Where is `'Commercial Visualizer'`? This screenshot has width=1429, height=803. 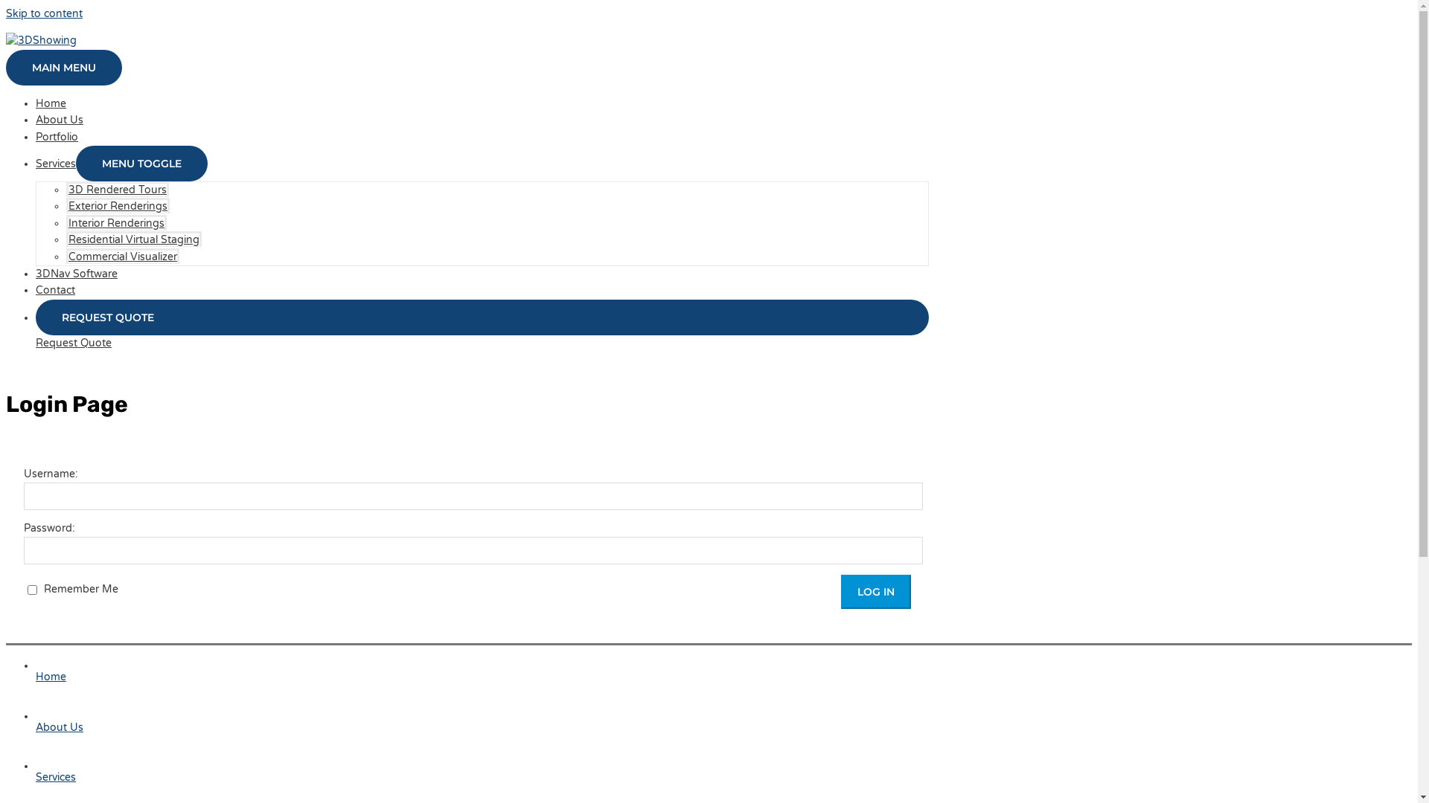 'Commercial Visualizer' is located at coordinates (65, 255).